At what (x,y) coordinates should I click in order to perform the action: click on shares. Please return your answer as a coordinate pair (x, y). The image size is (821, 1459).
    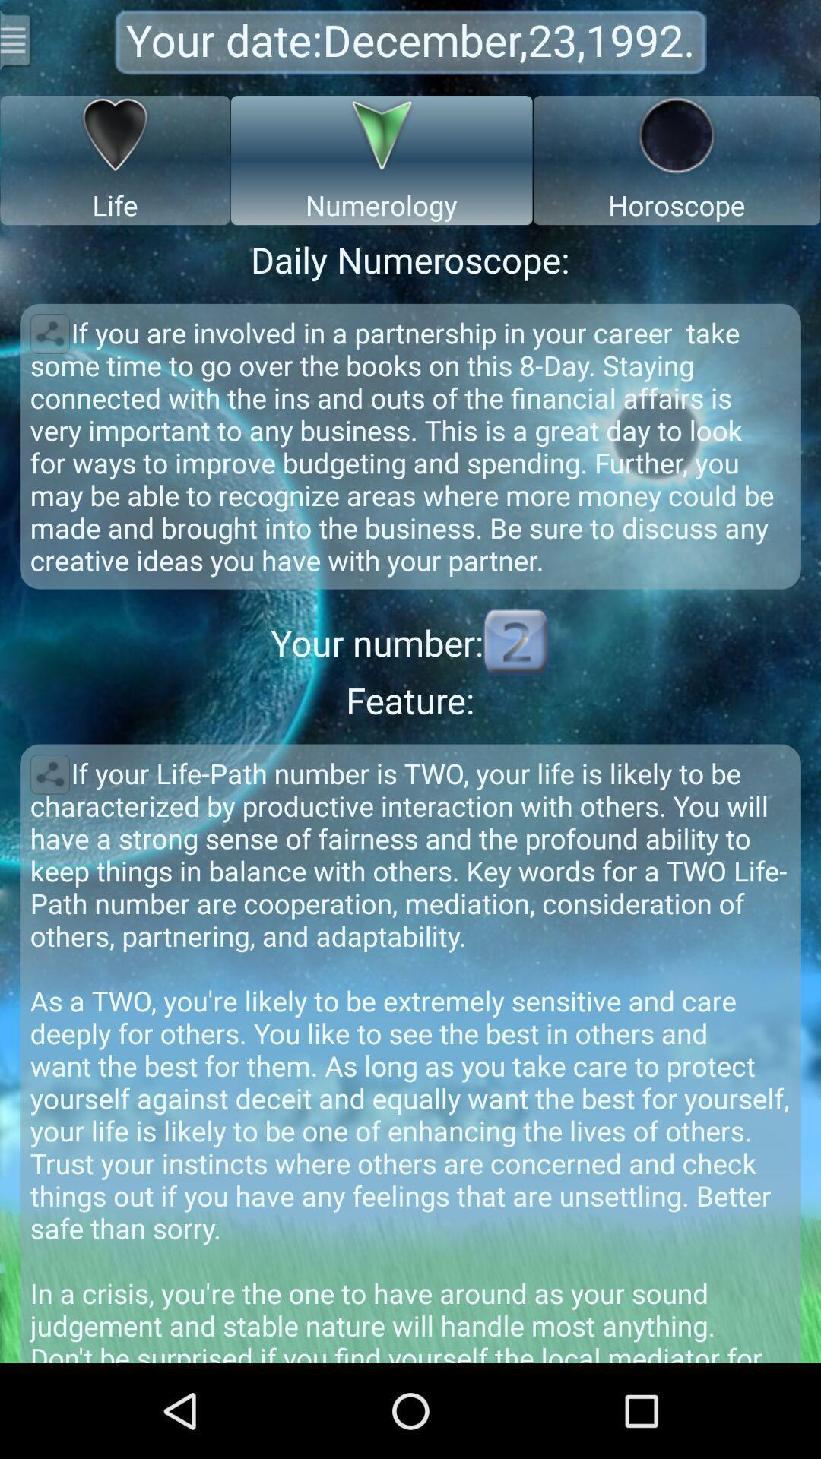
    Looking at the image, I should click on (49, 774).